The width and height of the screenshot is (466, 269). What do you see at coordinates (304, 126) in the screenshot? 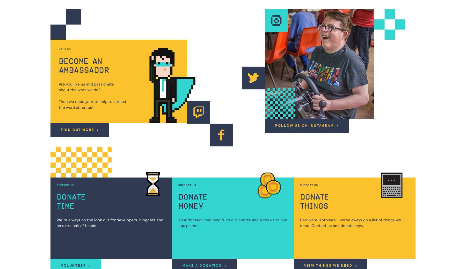
I see `'Follow us on Instagram'` at bounding box center [304, 126].